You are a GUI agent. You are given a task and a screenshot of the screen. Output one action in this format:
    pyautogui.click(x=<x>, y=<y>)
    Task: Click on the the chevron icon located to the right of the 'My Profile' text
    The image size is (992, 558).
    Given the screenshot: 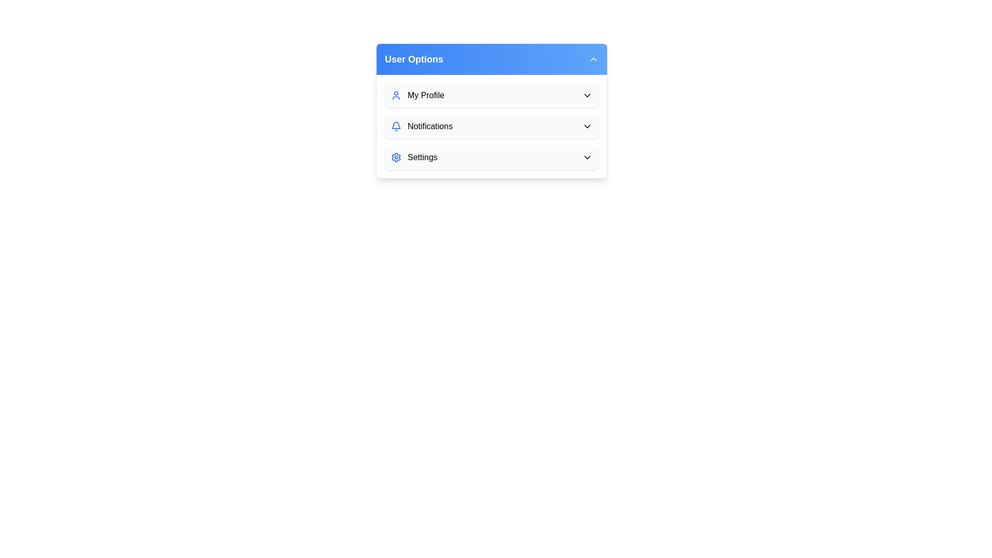 What is the action you would take?
    pyautogui.click(x=587, y=96)
    